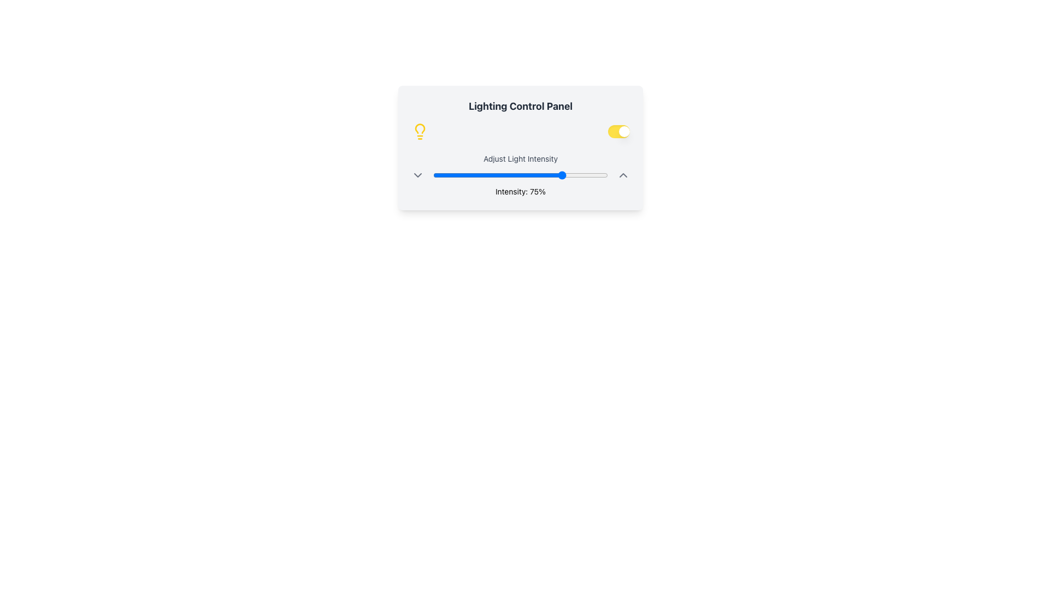  What do you see at coordinates (520, 174) in the screenshot?
I see `the circular handle of the horizontal slider, located between the label 'Adjust Light Intensity' and the value display 'Intensity: 75%'` at bounding box center [520, 174].